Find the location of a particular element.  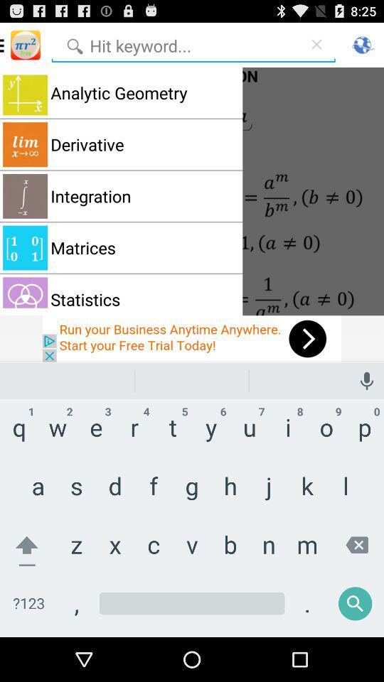

search is located at coordinates (176, 43).